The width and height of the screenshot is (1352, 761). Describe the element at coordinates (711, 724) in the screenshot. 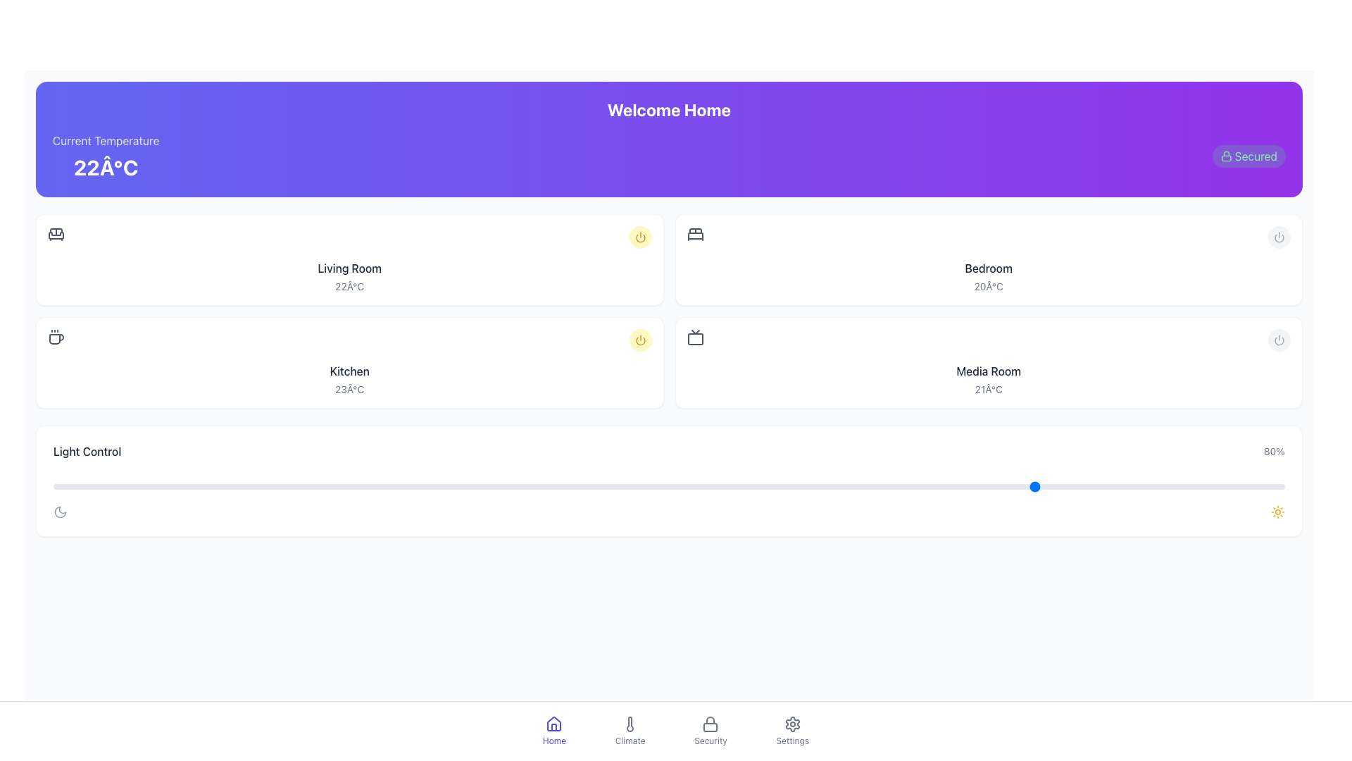

I see `the 'Security' icon in the bottom navigation bar` at that location.